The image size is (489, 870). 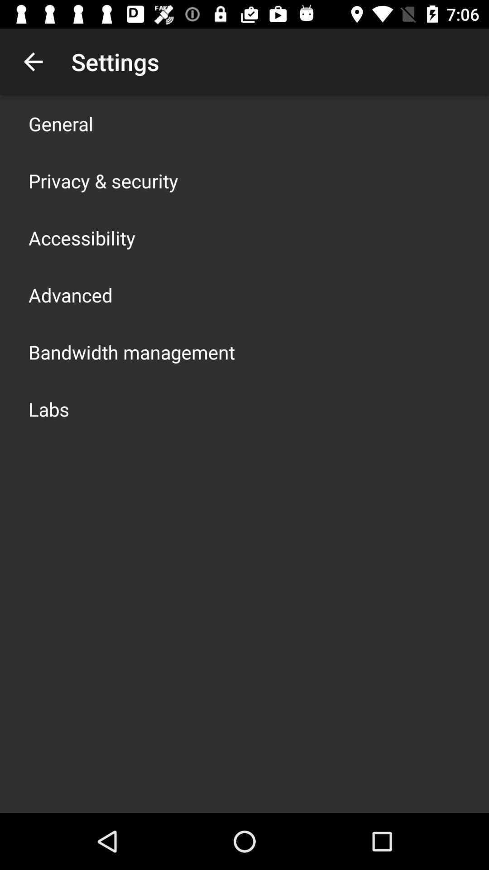 I want to click on the item above accessibility item, so click(x=103, y=180).